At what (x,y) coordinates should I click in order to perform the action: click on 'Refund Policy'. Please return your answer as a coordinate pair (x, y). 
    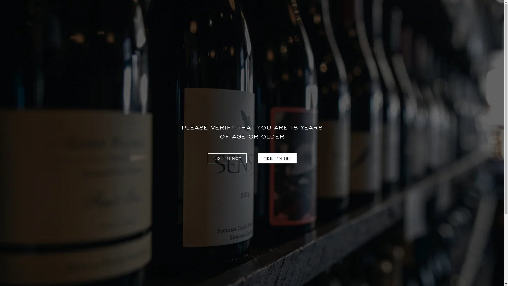
    Looking at the image, I should click on (79, 247).